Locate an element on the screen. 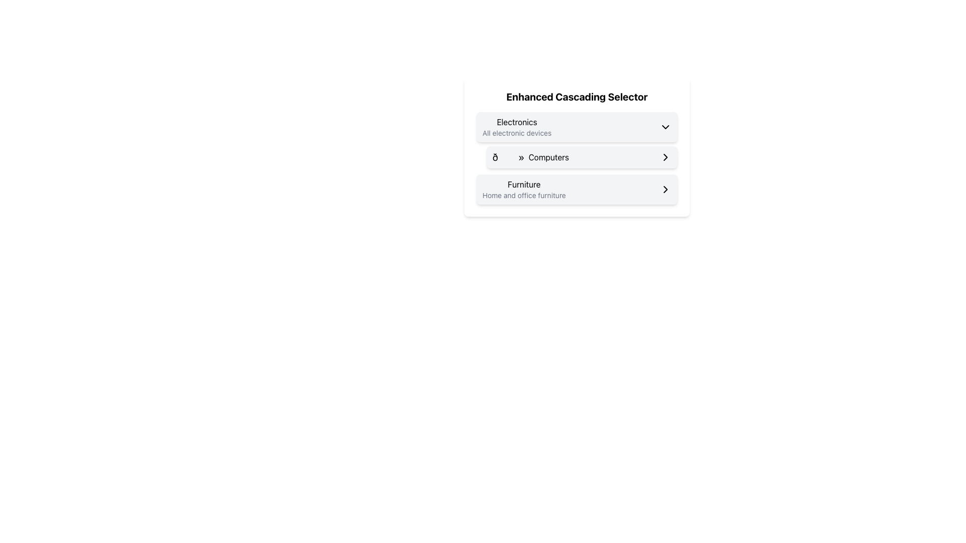  the right-facing chevron icon located to the right of the 'Computers' text is located at coordinates (666, 157).